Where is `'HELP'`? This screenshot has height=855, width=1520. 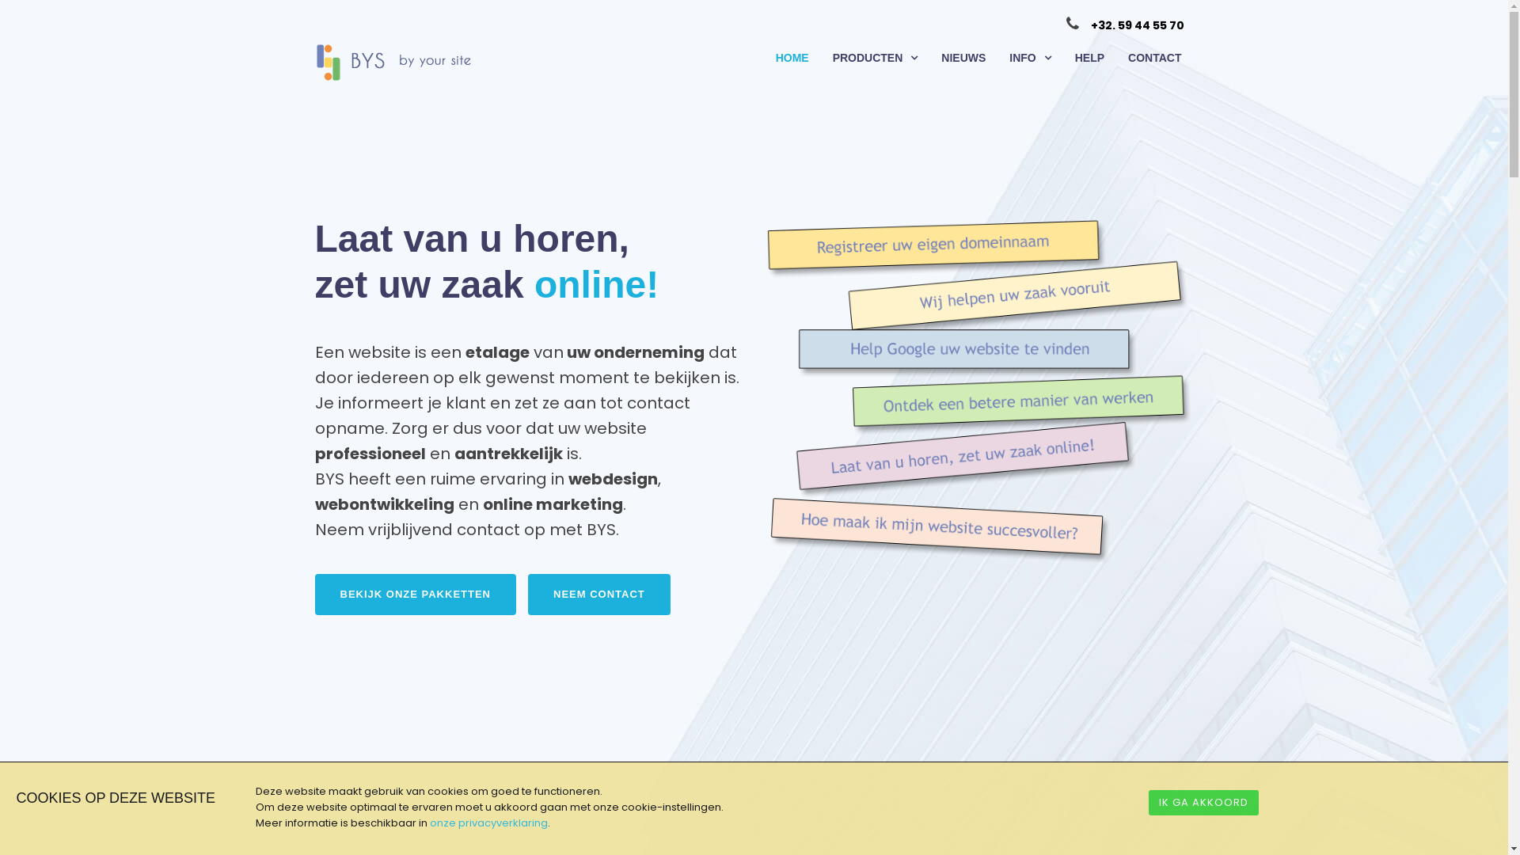 'HELP' is located at coordinates (1089, 57).